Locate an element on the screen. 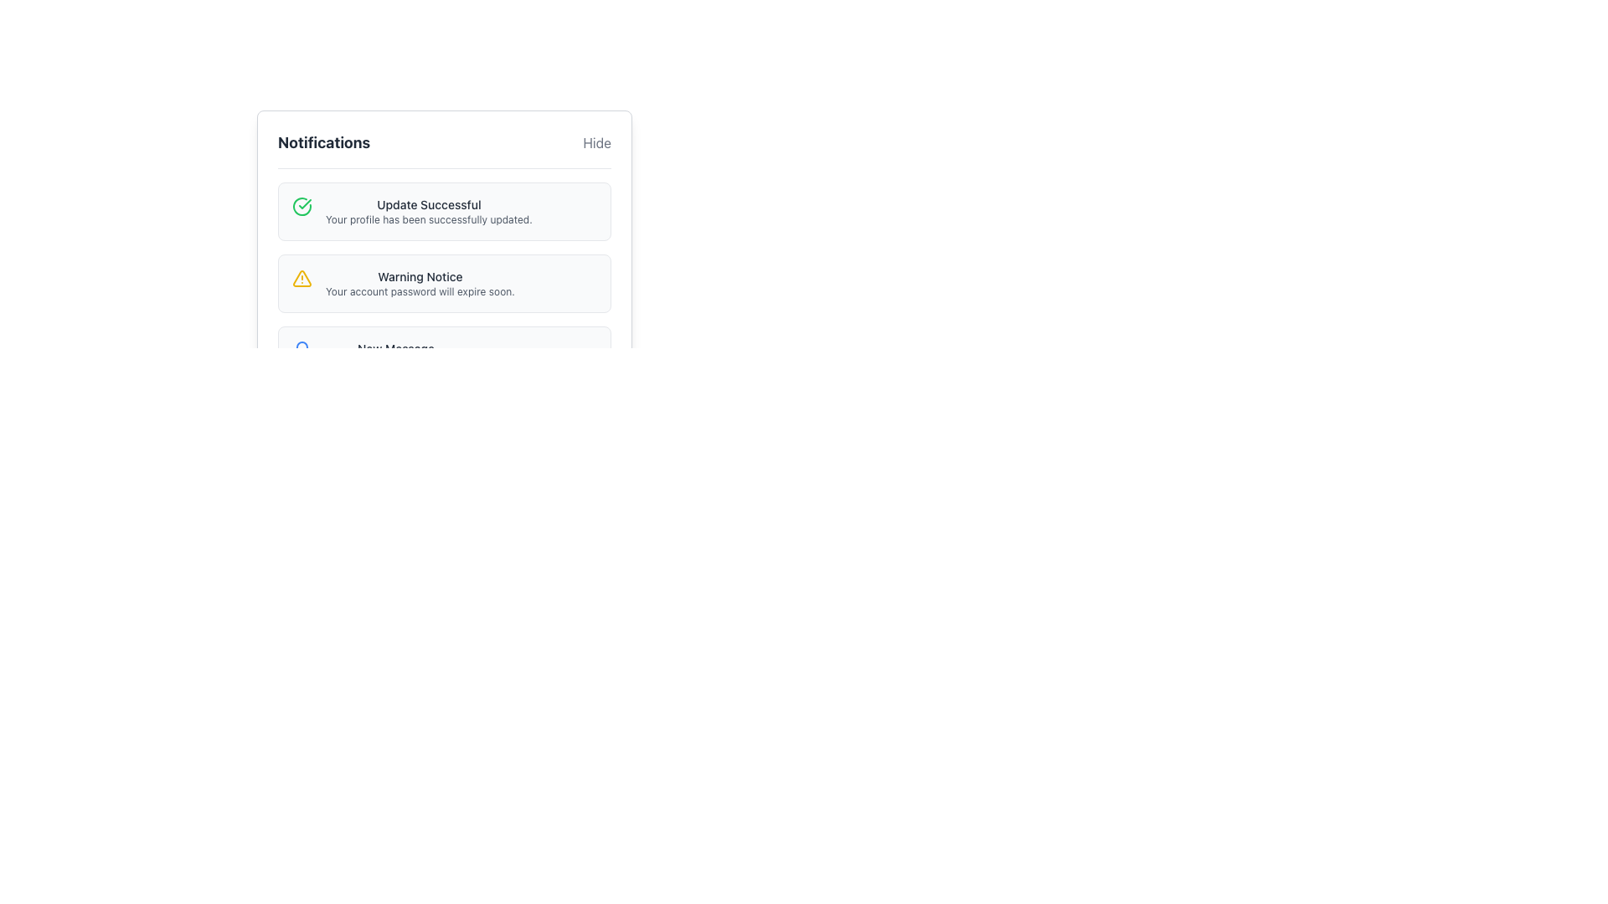 Image resolution: width=1608 pixels, height=904 pixels. the bell icon for notifications located to the left of the 'New Message' text in the third notification item is located at coordinates (301, 350).